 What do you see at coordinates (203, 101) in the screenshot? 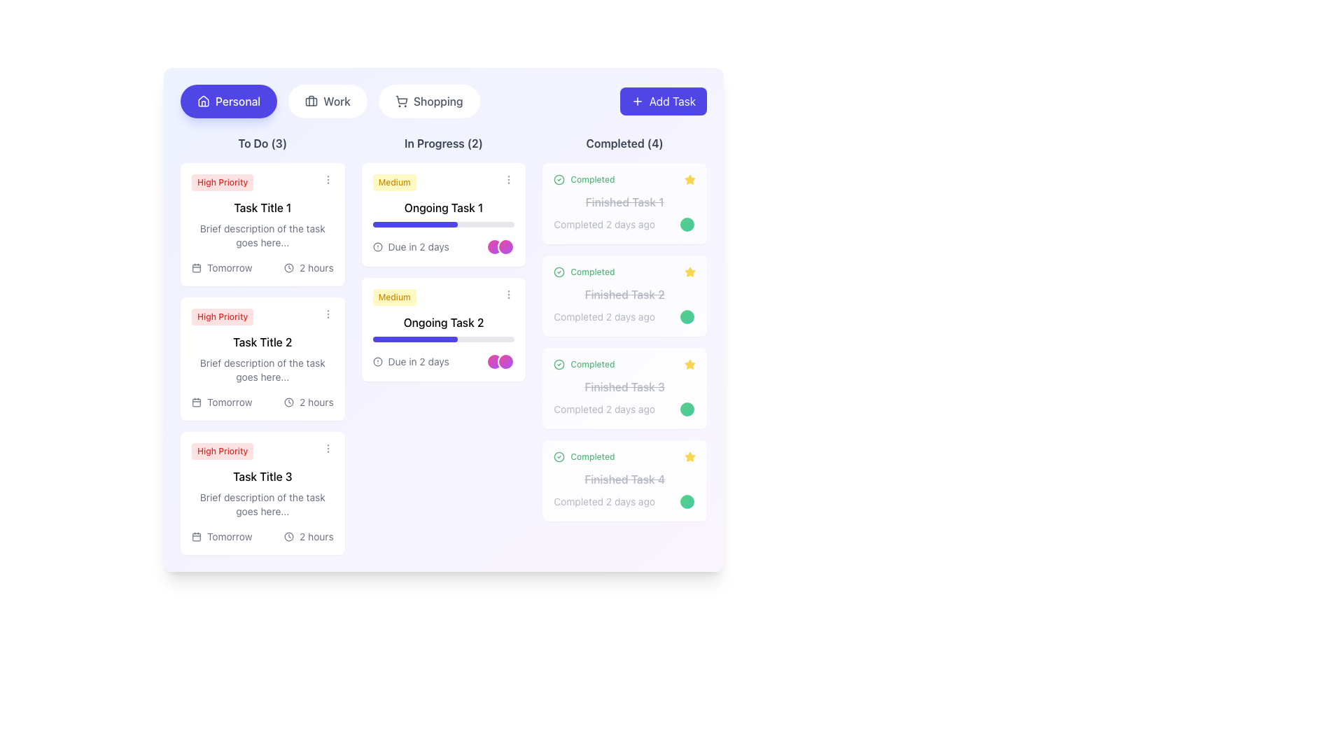
I see `the house outline icon located within the purple 'Personal' button in the top-left section of the user interface` at bounding box center [203, 101].